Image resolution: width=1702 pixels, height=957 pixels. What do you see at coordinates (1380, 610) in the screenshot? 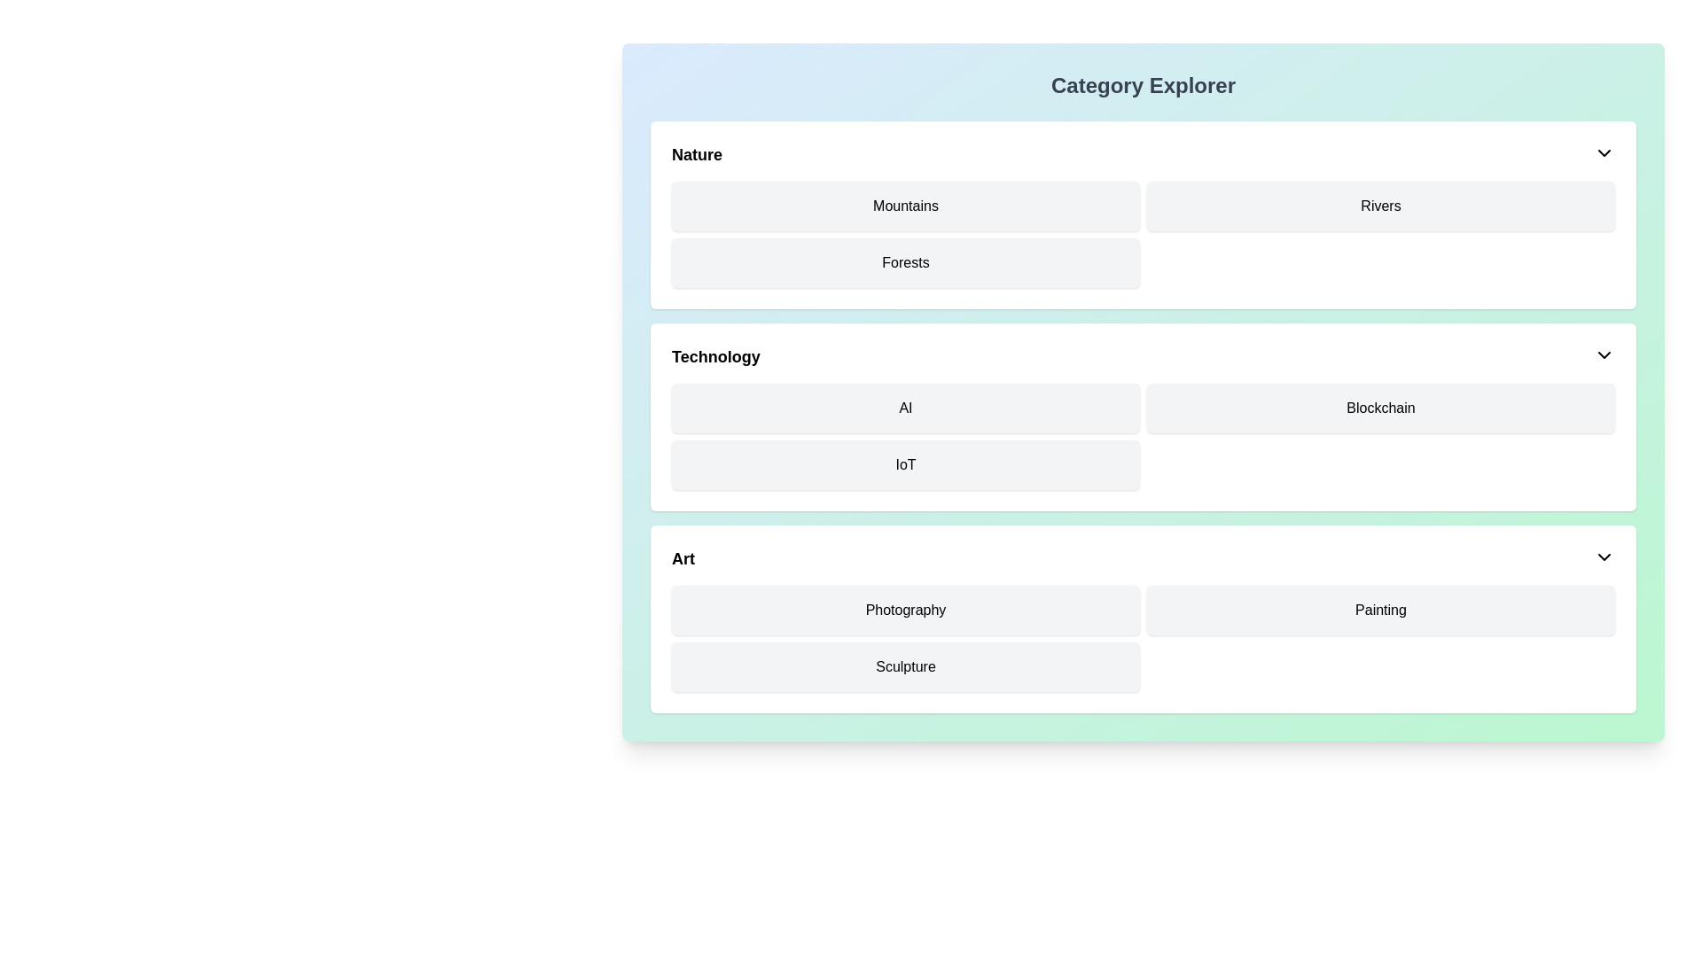
I see `the 'Painting' category button, which is the second button in the 'Art' section, located to the right of the 'Photography' button and above the 'Sculpture' button` at bounding box center [1380, 610].